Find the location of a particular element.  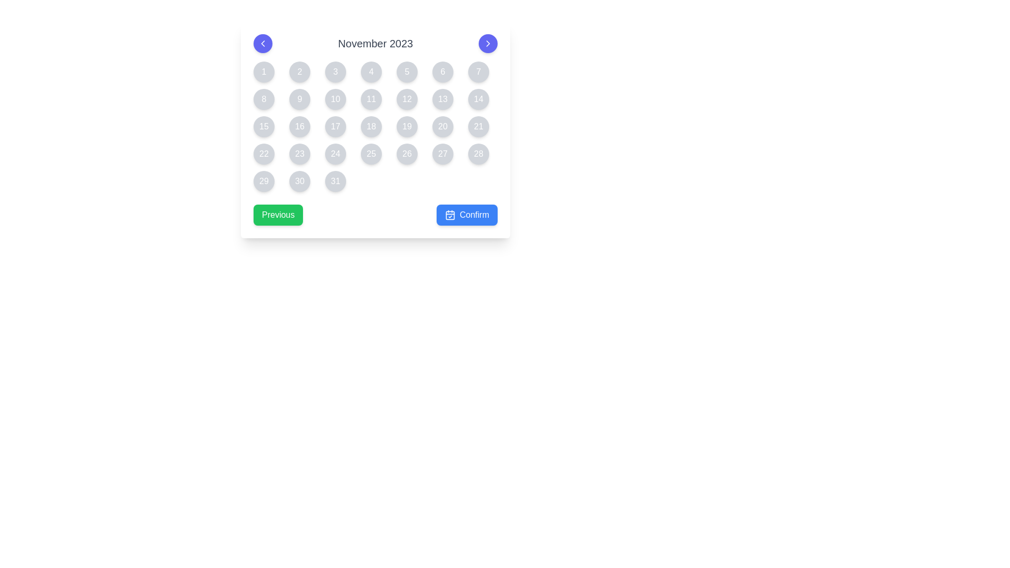

the circular button with a light gray background and white text reading '15' located in the third row and first column of the grid layout is located at coordinates (264, 126).